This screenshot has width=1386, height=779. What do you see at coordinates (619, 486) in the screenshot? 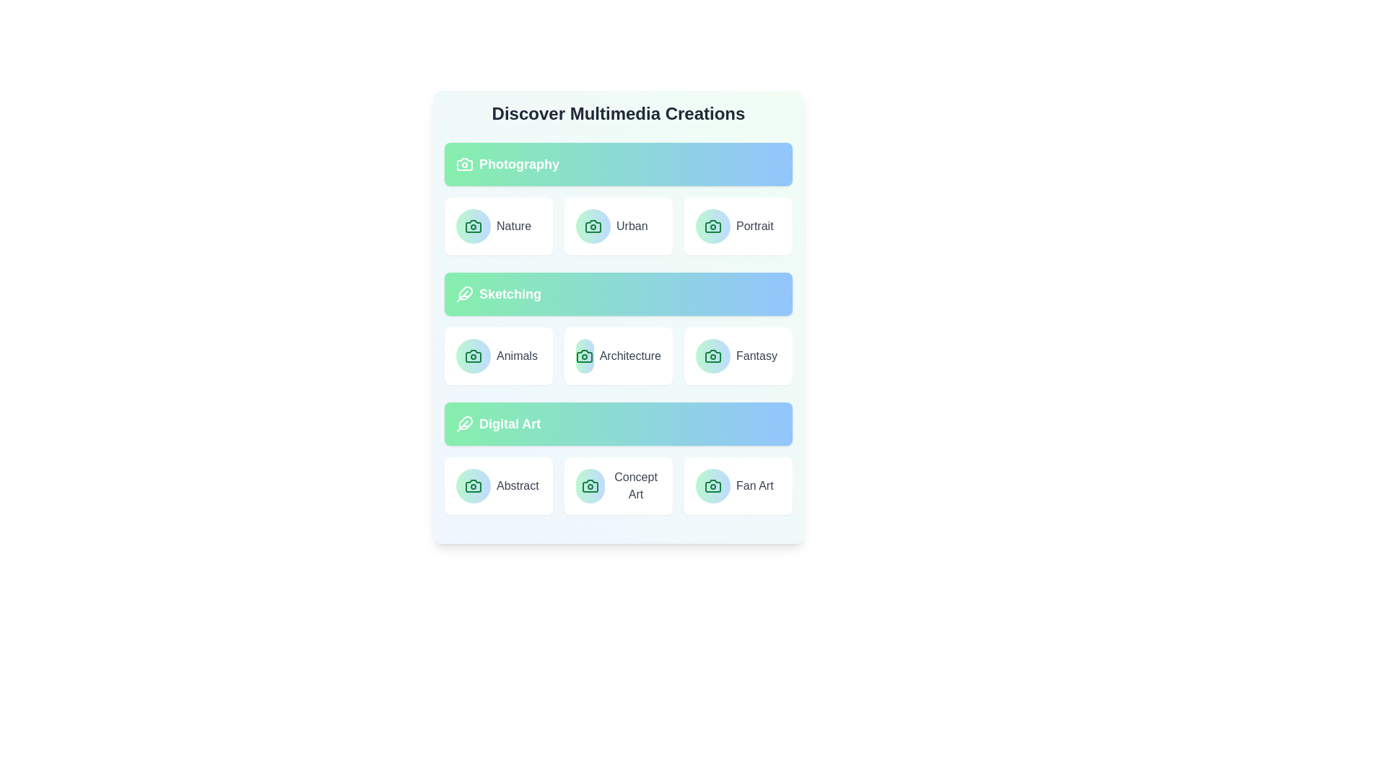
I see `the item labeled Concept Art` at bounding box center [619, 486].